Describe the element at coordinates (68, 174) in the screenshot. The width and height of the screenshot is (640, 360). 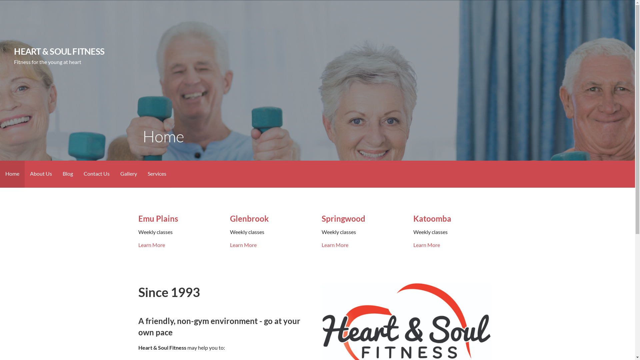
I see `'Blog'` at that location.